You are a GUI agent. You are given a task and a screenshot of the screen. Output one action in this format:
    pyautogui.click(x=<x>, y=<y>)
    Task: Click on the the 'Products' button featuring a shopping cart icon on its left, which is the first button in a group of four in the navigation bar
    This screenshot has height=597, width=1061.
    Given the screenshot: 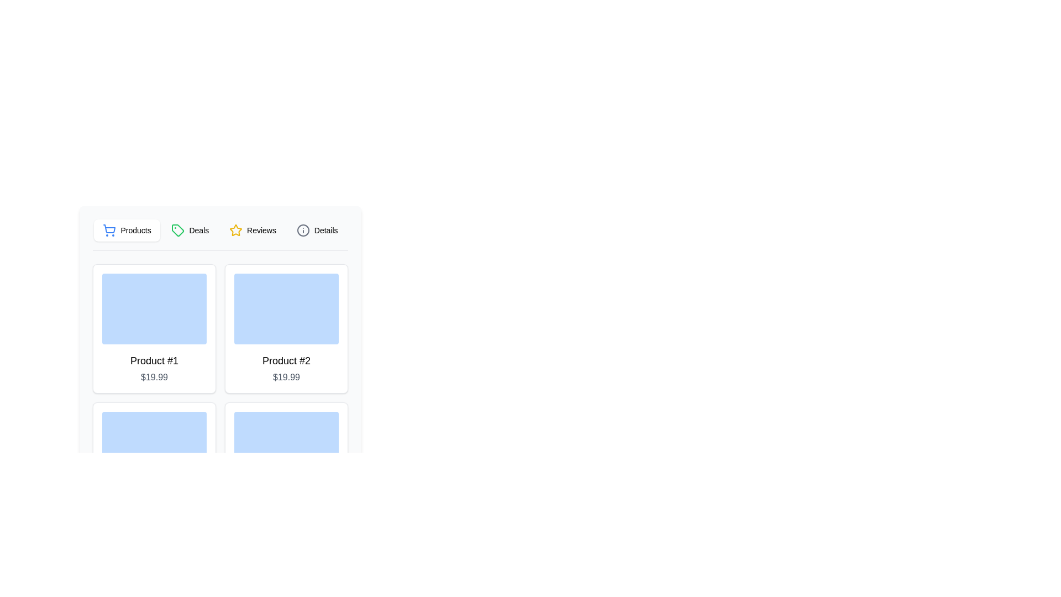 What is the action you would take?
    pyautogui.click(x=127, y=229)
    